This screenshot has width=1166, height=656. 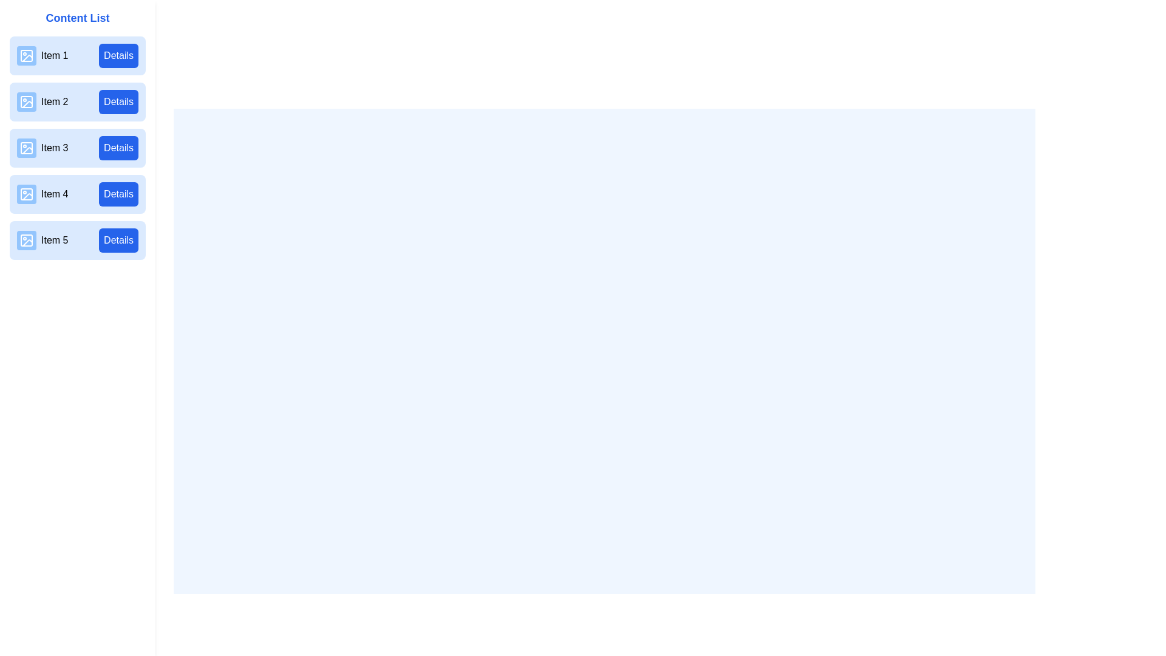 I want to click on the 'Details' button aligned to the right side of 'Item 2' in the second row of the vertically stacked list, so click(x=118, y=101).